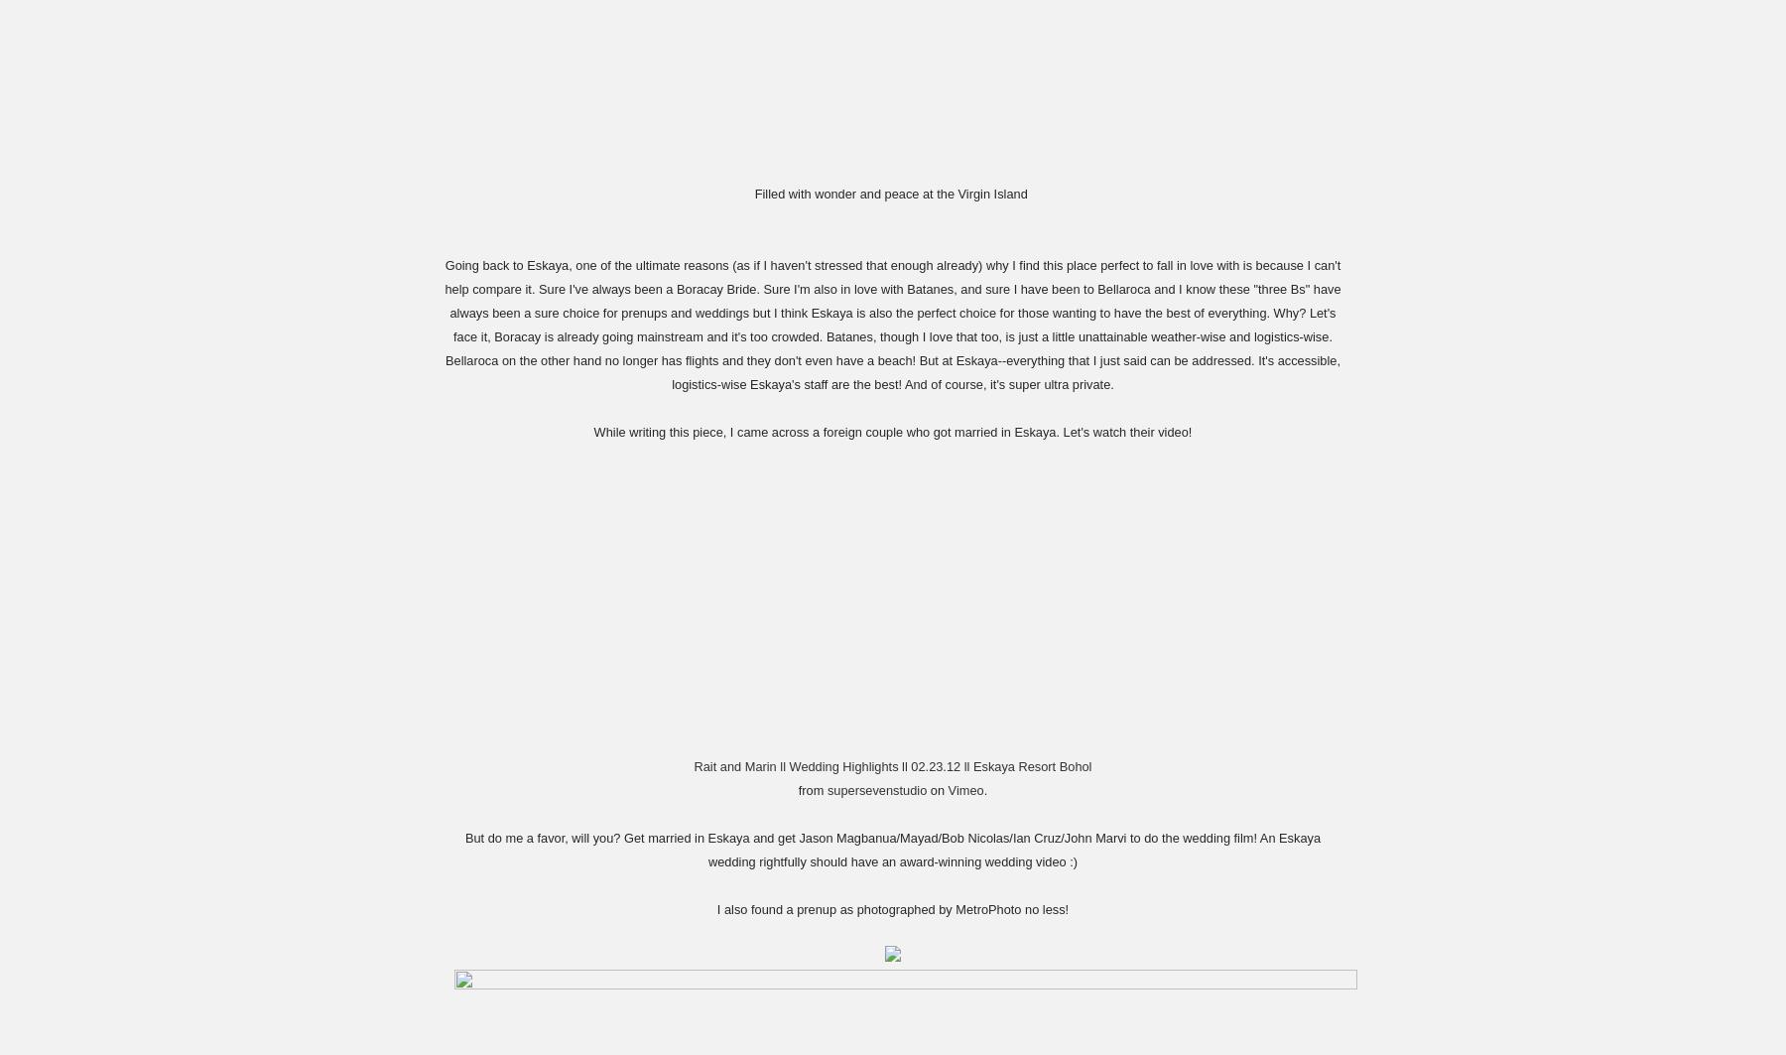  I want to click on 'Vimeo', so click(964, 788).